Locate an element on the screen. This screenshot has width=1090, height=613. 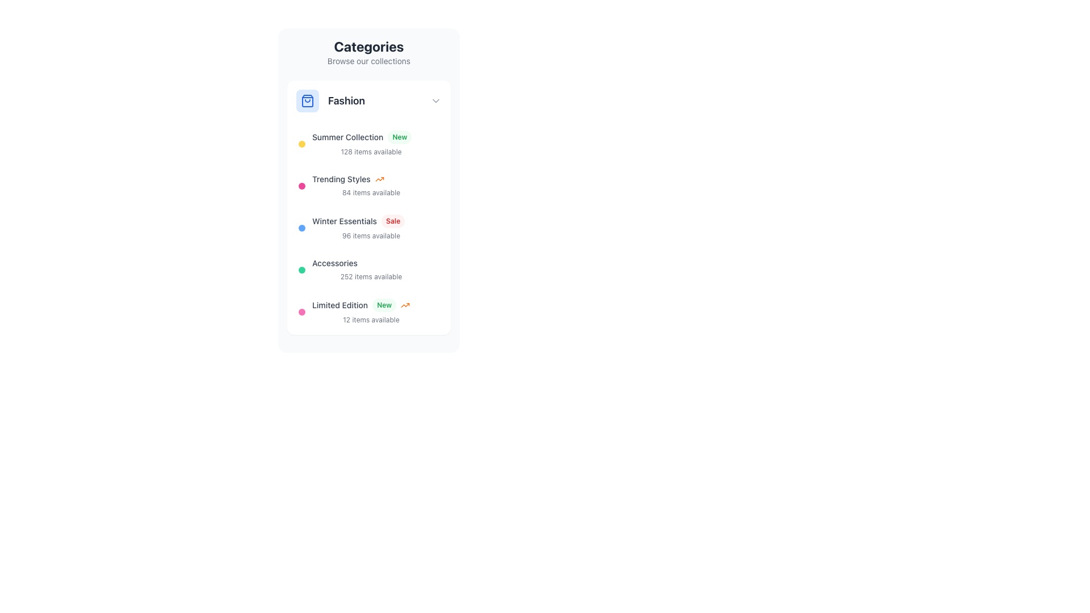
the right-pointing chevron arrow icon located to the right of the 'Fashion' section title is located at coordinates (435, 100).